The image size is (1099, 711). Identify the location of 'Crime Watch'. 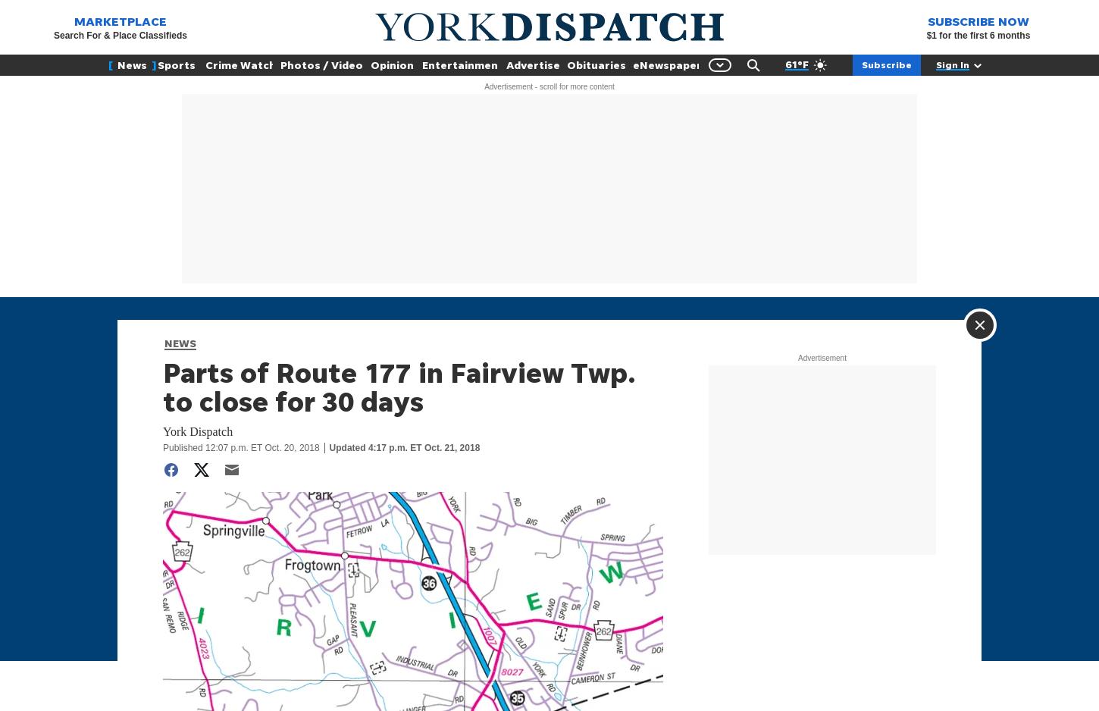
(240, 64).